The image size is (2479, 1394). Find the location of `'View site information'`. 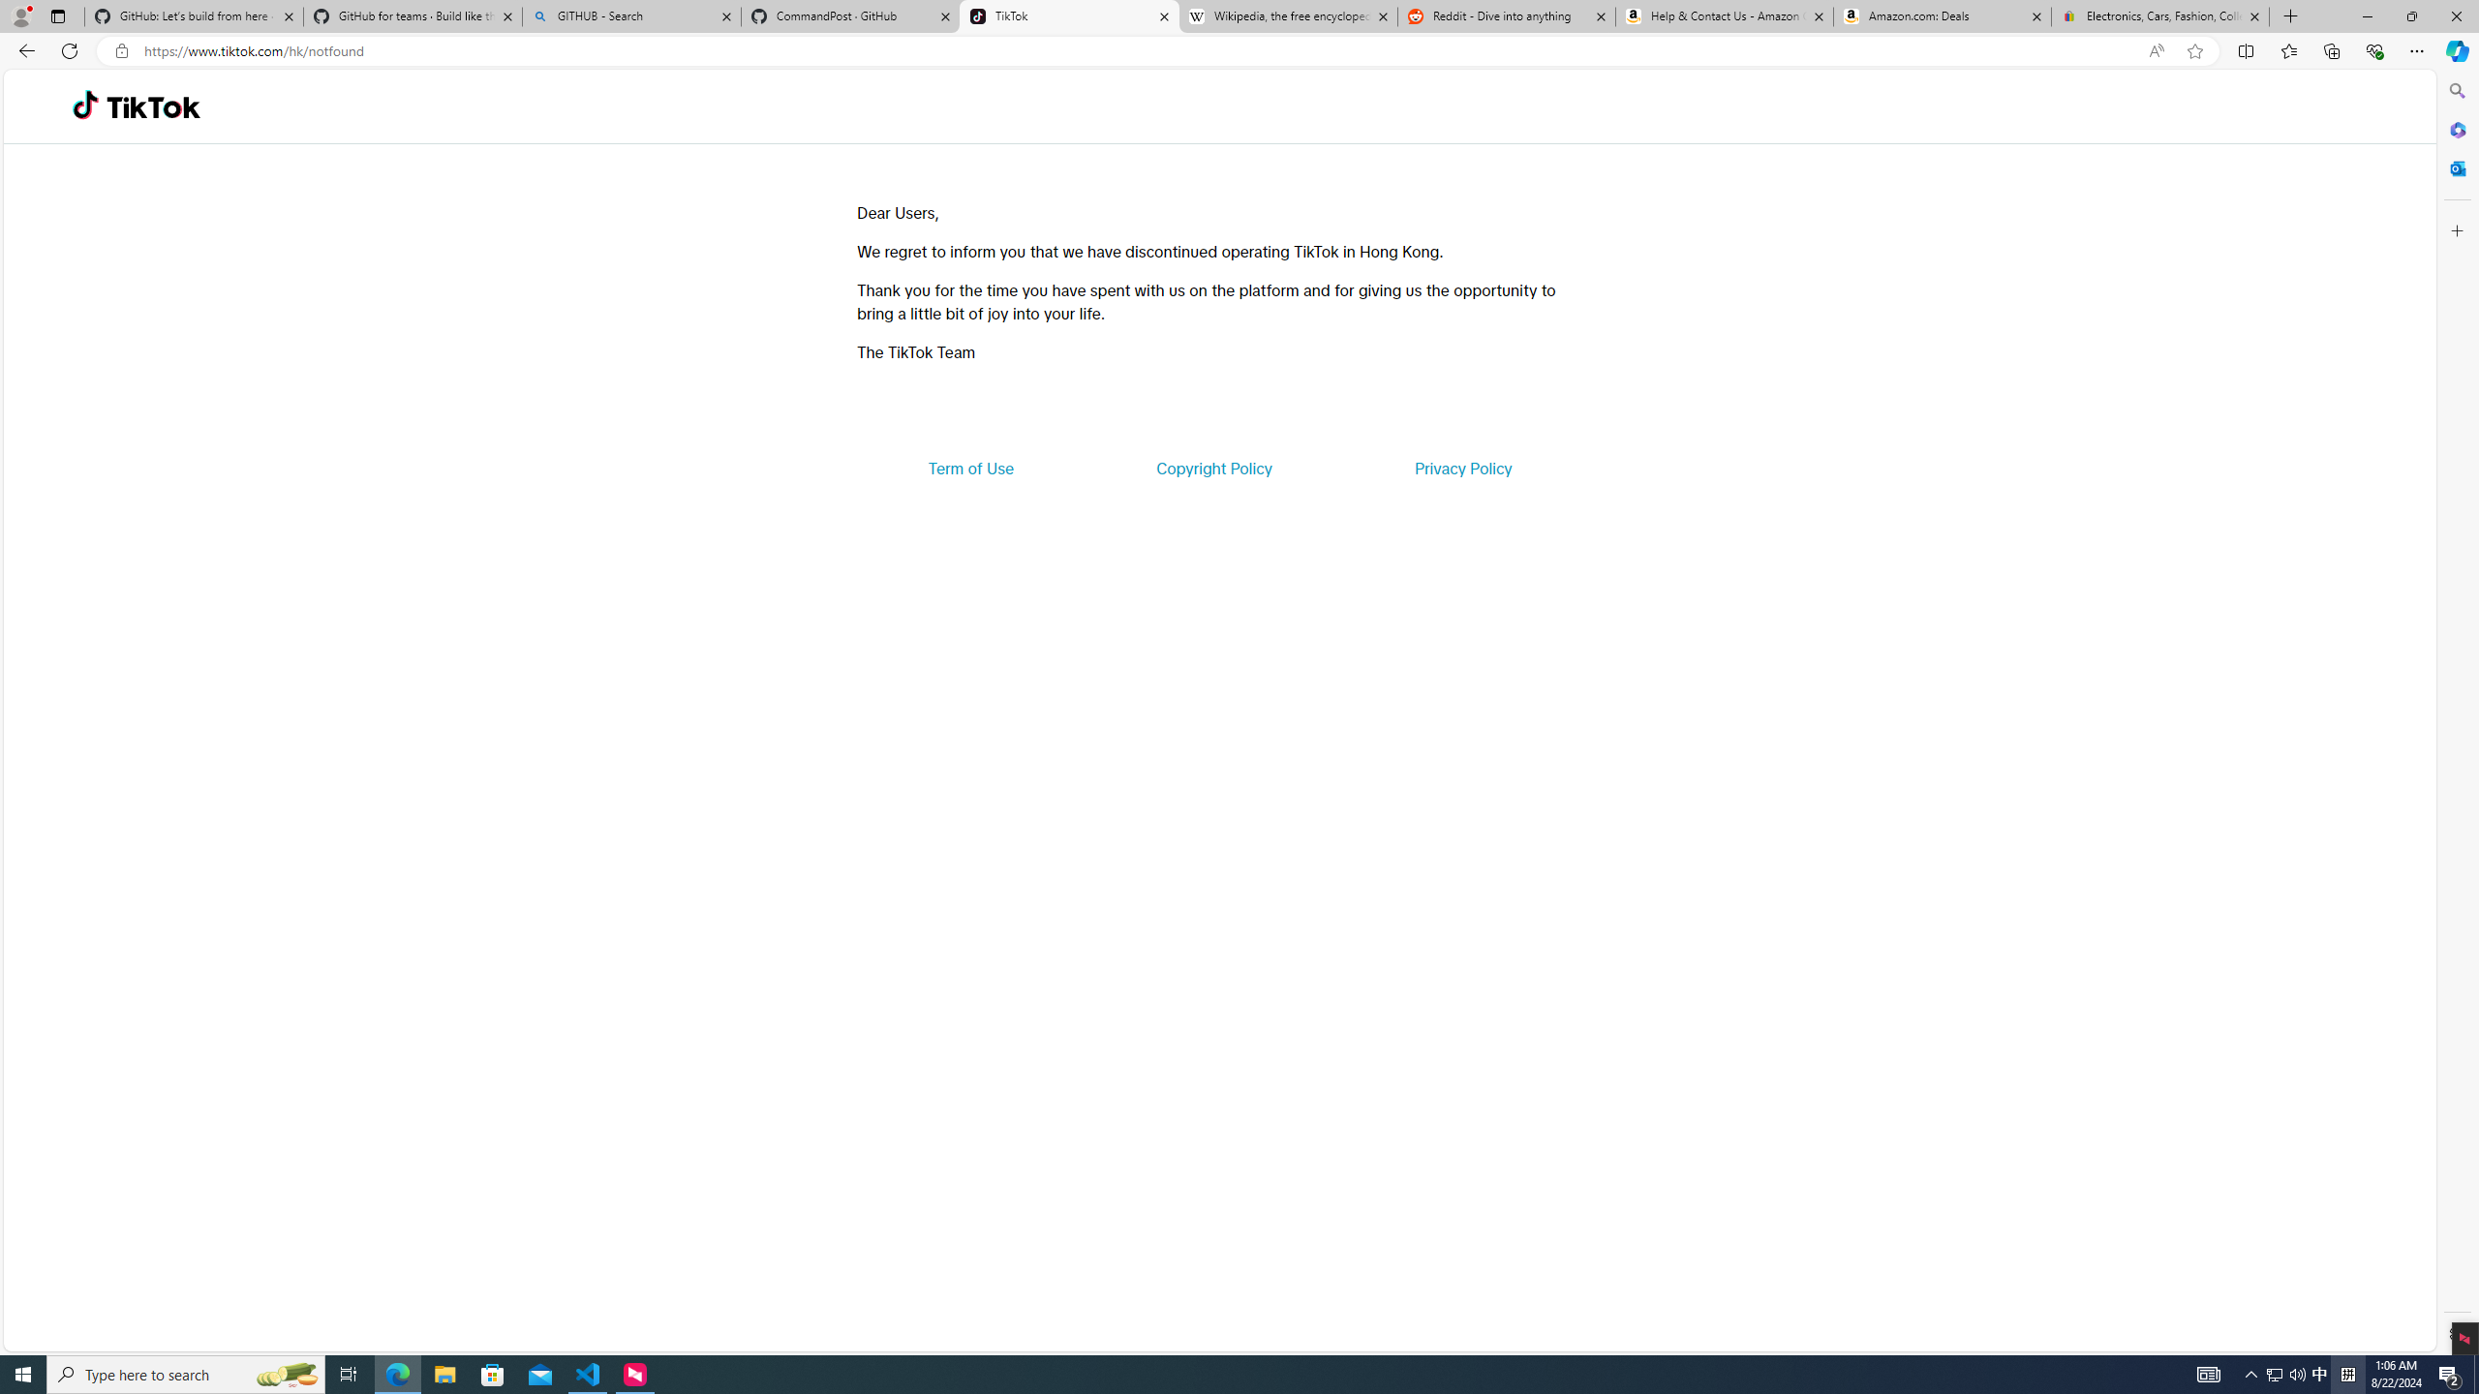

'View site information' is located at coordinates (121, 51).